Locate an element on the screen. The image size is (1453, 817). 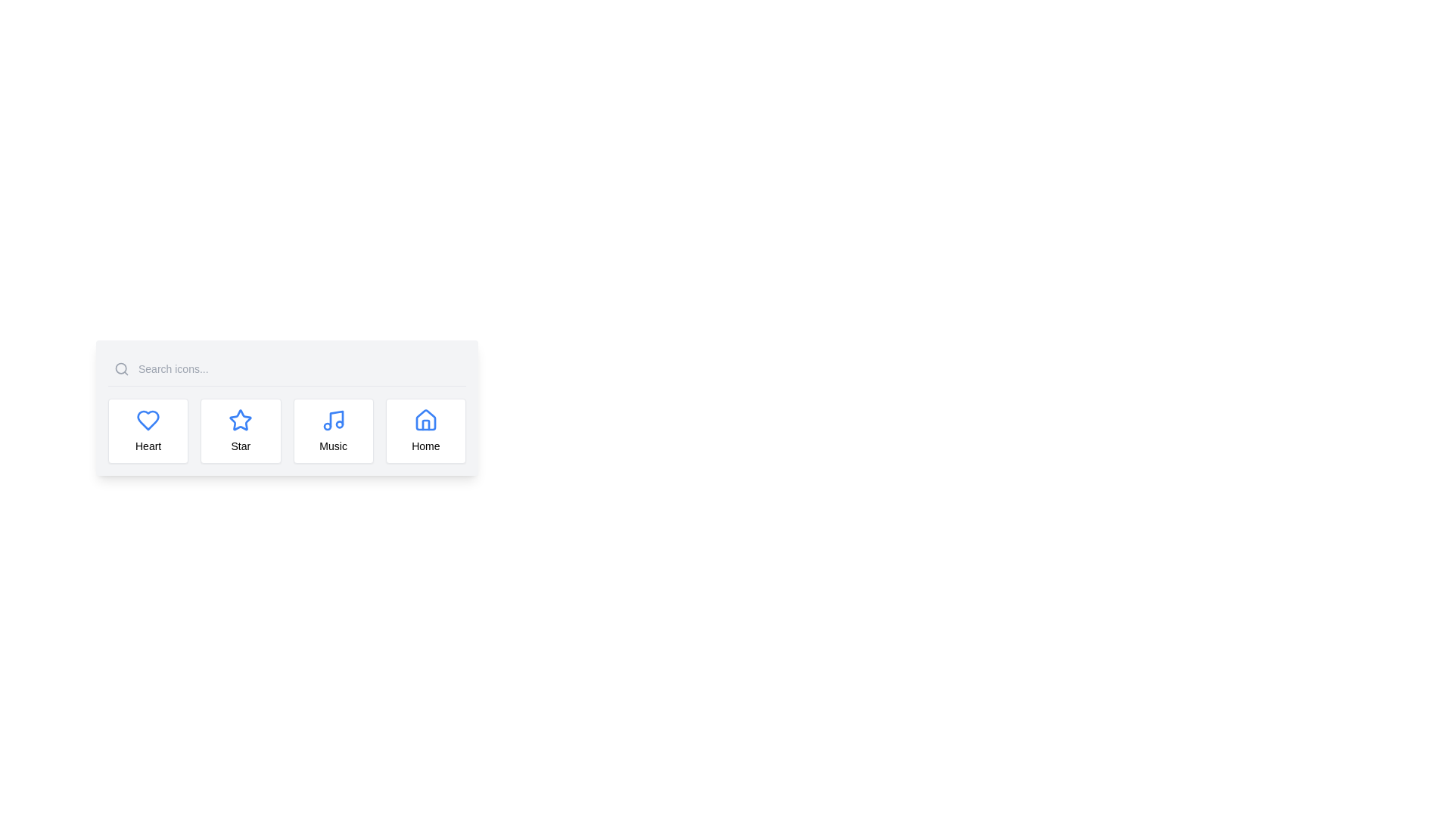
the blue house icon located at the center of the card labeled 'Home' to initiate navigation or selection is located at coordinates (425, 420).